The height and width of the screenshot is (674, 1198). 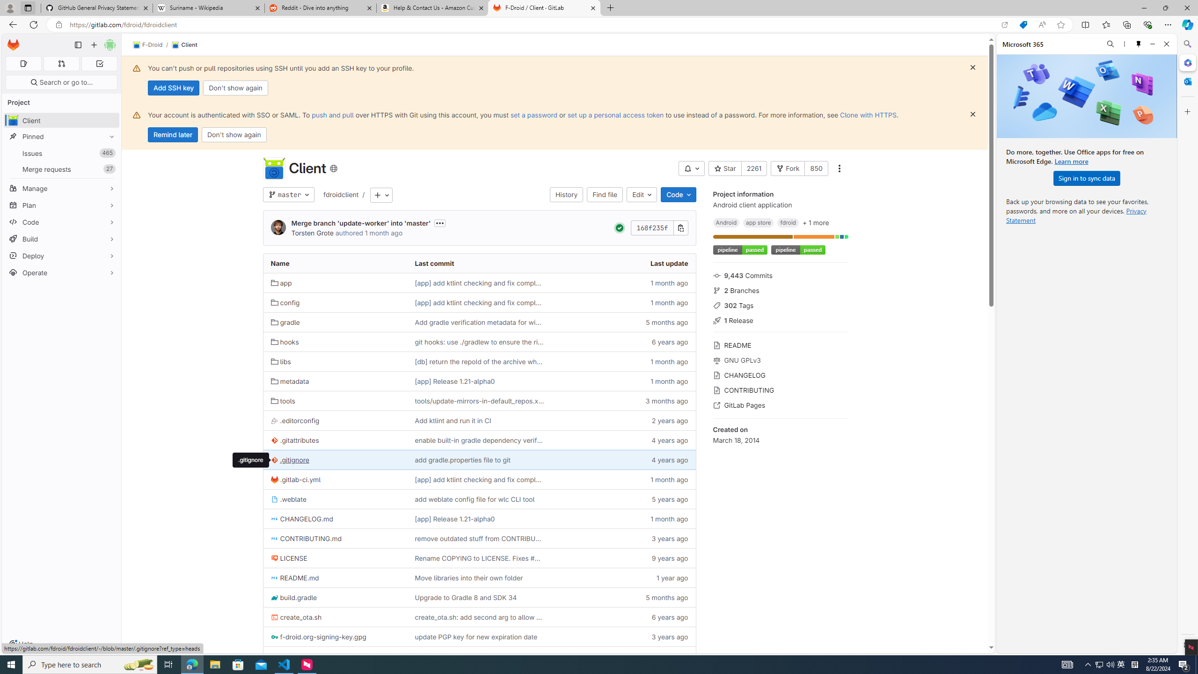 What do you see at coordinates (335, 538) in the screenshot?
I see `'CONTRIBUTING.md'` at bounding box center [335, 538].